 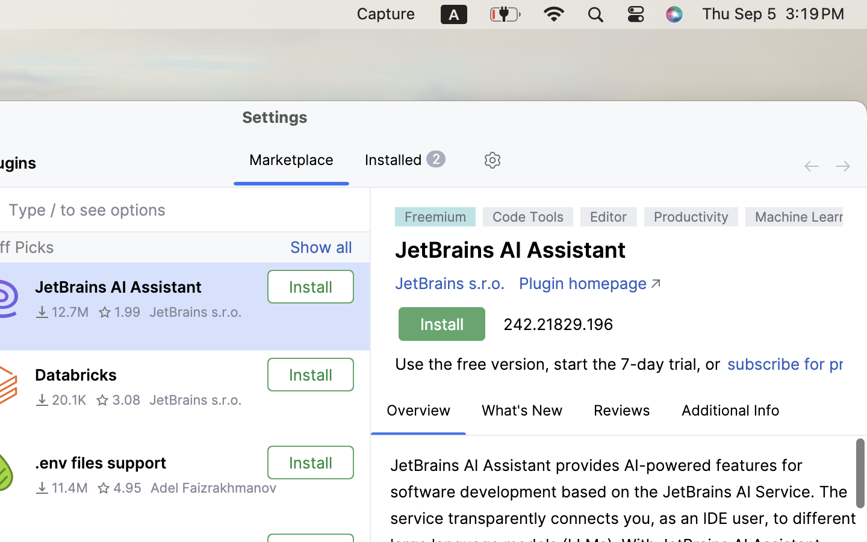 I want to click on 'Settings', so click(x=275, y=117).